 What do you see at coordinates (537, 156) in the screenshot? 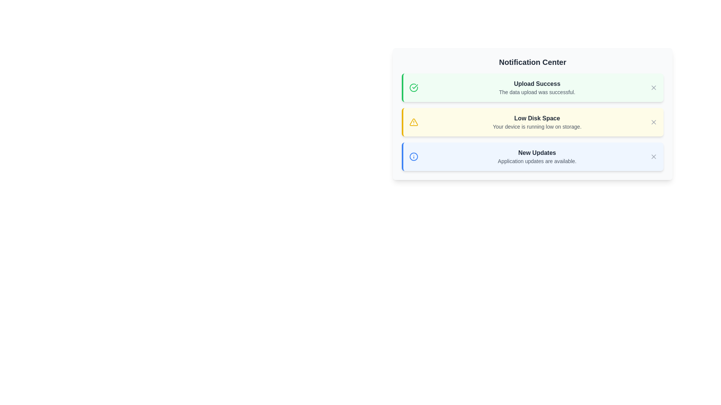
I see `the Static Information Text element in the Notification Center that informs about application updates, located below the 'Low Disk Space' notification` at bounding box center [537, 156].